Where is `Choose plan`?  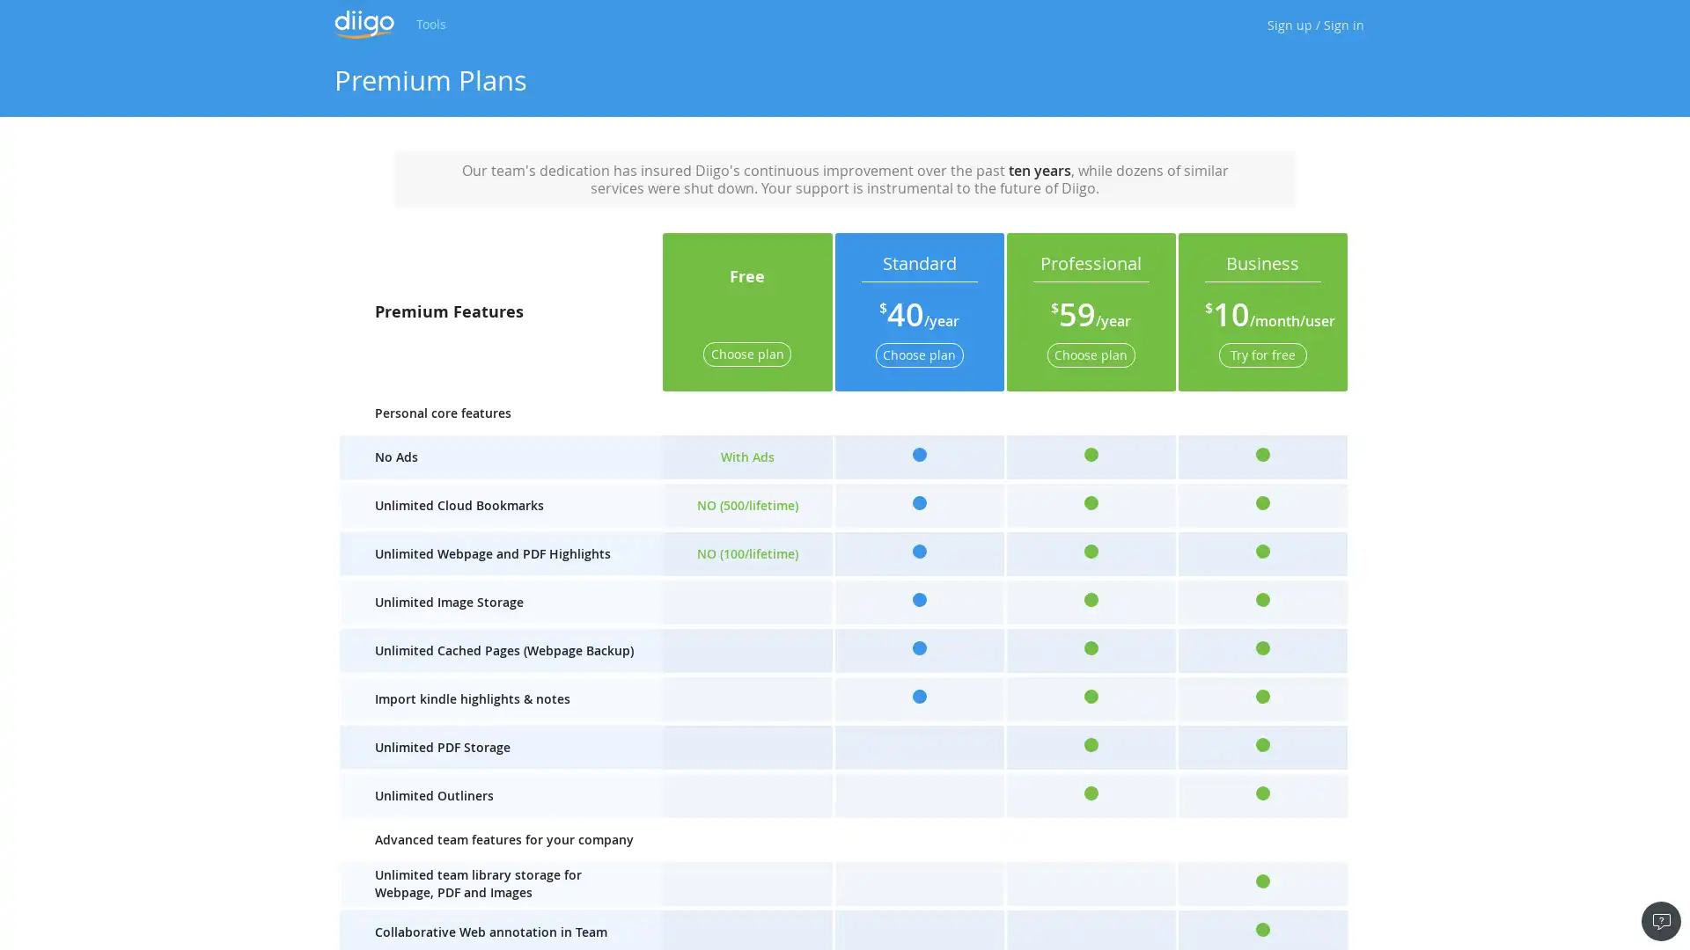 Choose plan is located at coordinates (917, 354).